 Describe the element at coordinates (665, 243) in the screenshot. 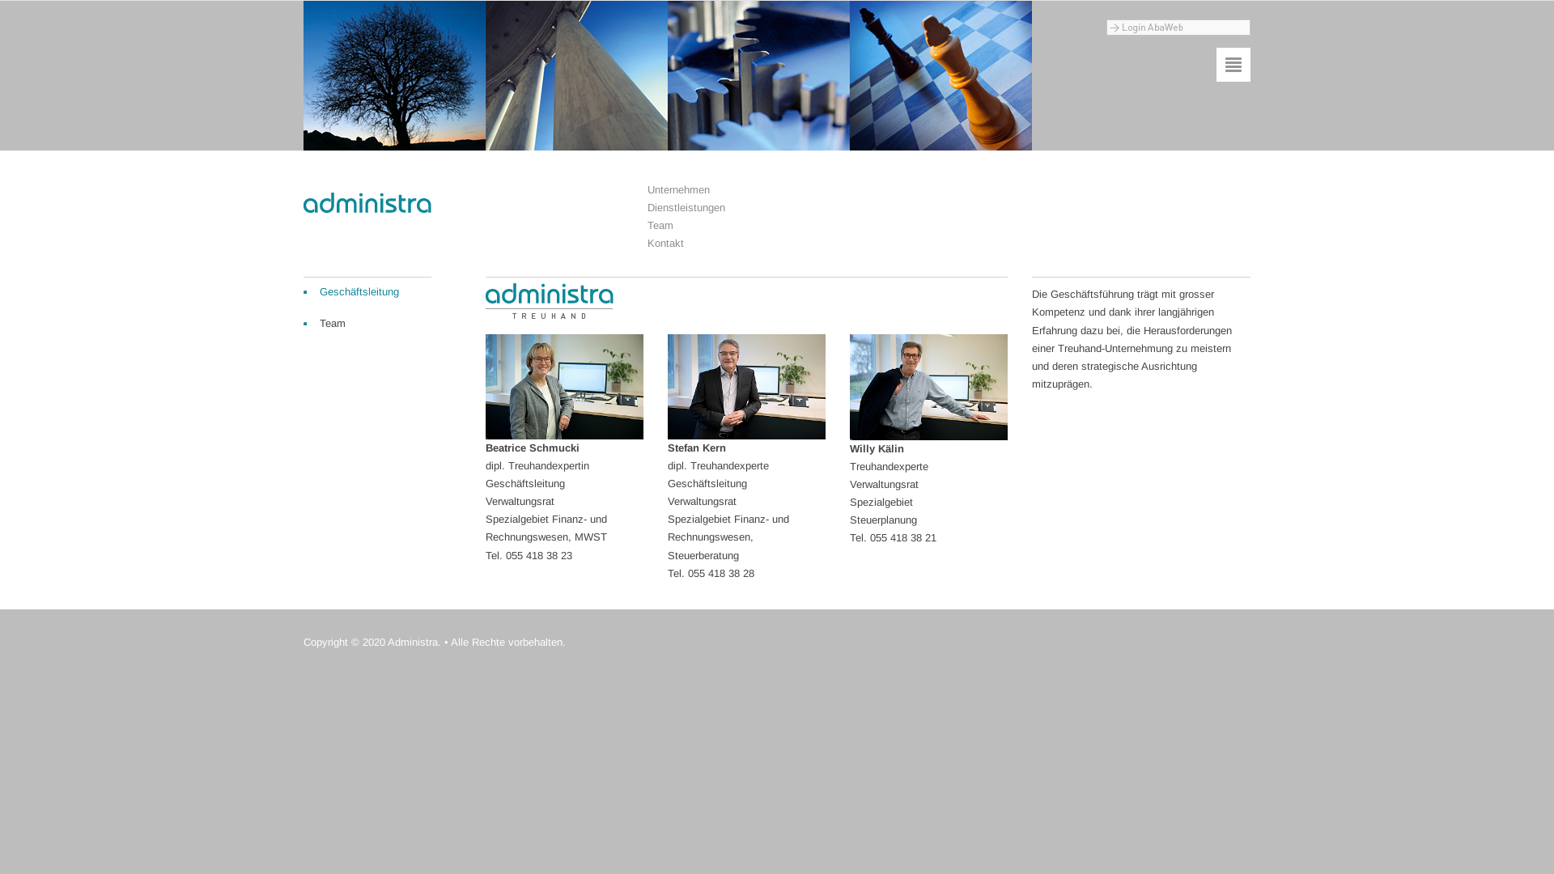

I see `'Kontakt'` at that location.